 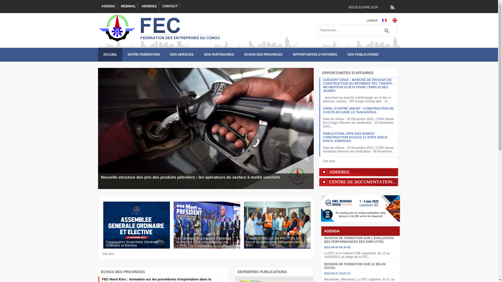 What do you see at coordinates (362, 54) in the screenshot?
I see `'NOS PUBLICATIONS'` at bounding box center [362, 54].